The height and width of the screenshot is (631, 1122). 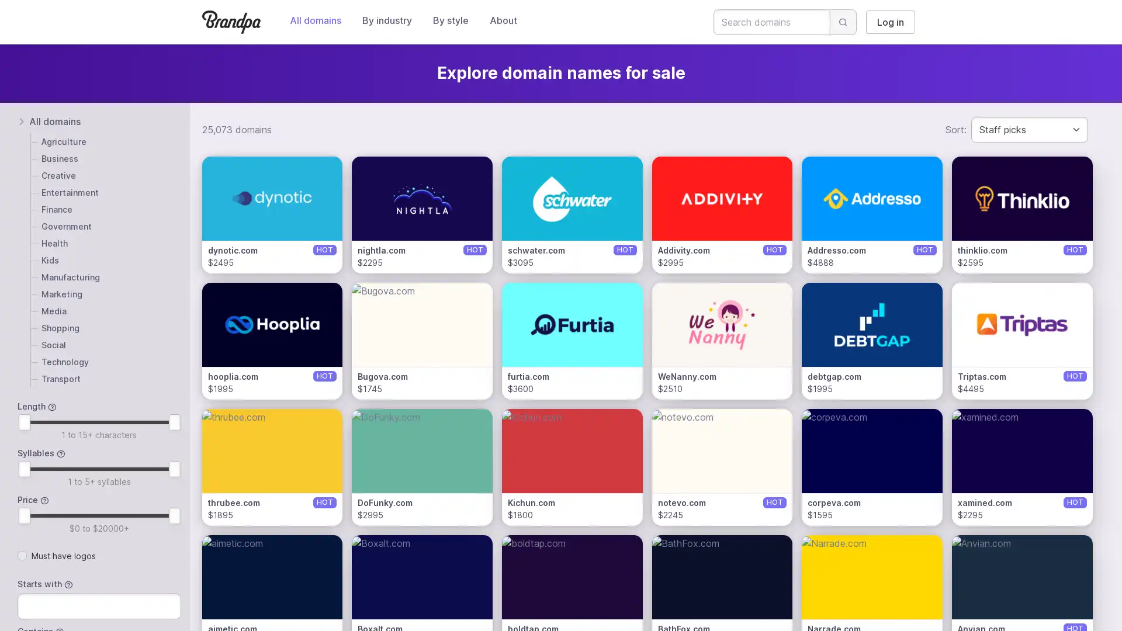 What do you see at coordinates (843, 22) in the screenshot?
I see `Search` at bounding box center [843, 22].